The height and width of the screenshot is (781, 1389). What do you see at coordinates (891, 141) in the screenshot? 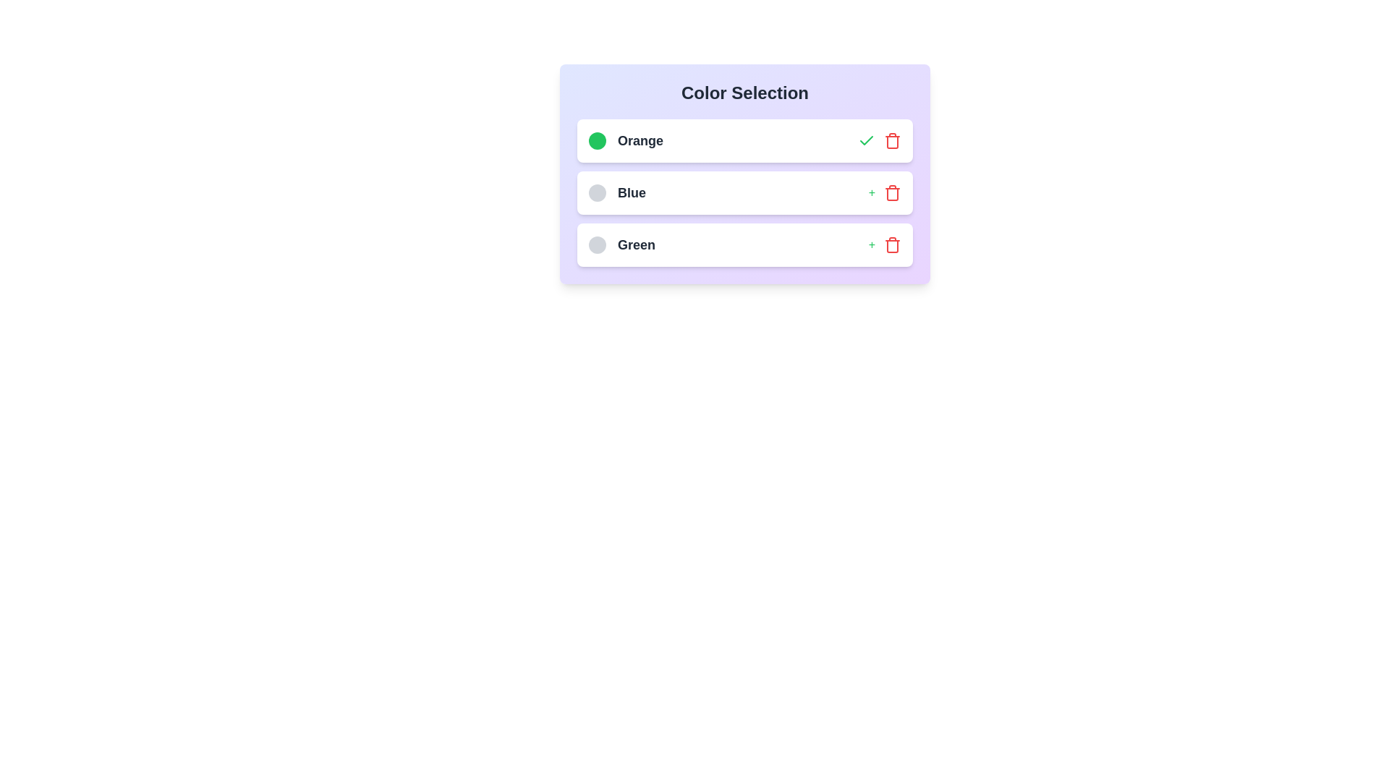
I see `trash icon to remove the color item Orange` at bounding box center [891, 141].